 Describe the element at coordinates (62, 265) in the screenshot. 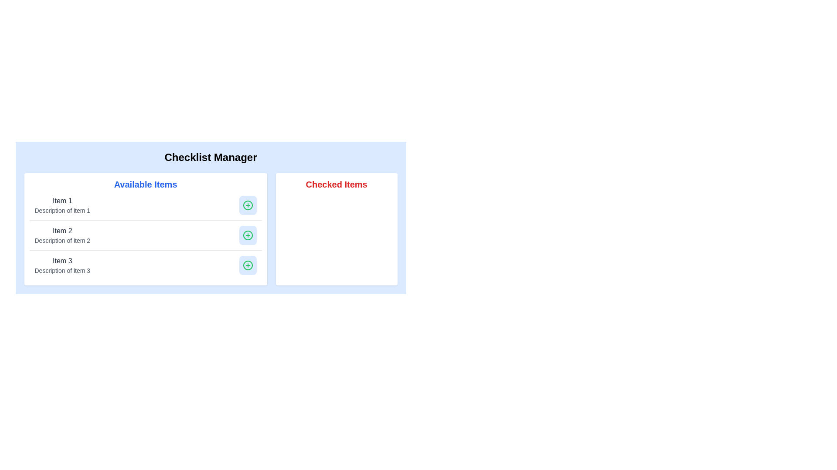

I see `the label that displays 'Item 3' with the description 'Description of item 3' in the 'Available Items' section of the 'Checklist Manager' interface` at that location.